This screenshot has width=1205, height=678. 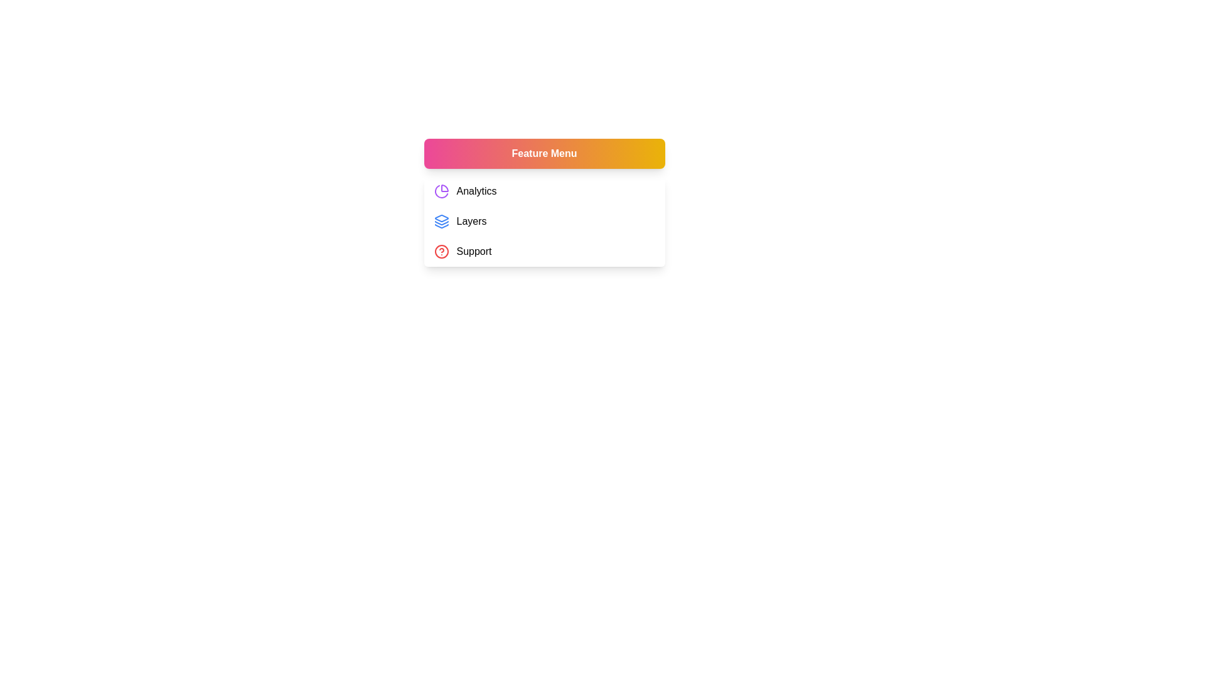 I want to click on the 'Support' option in the menu, so click(x=544, y=252).